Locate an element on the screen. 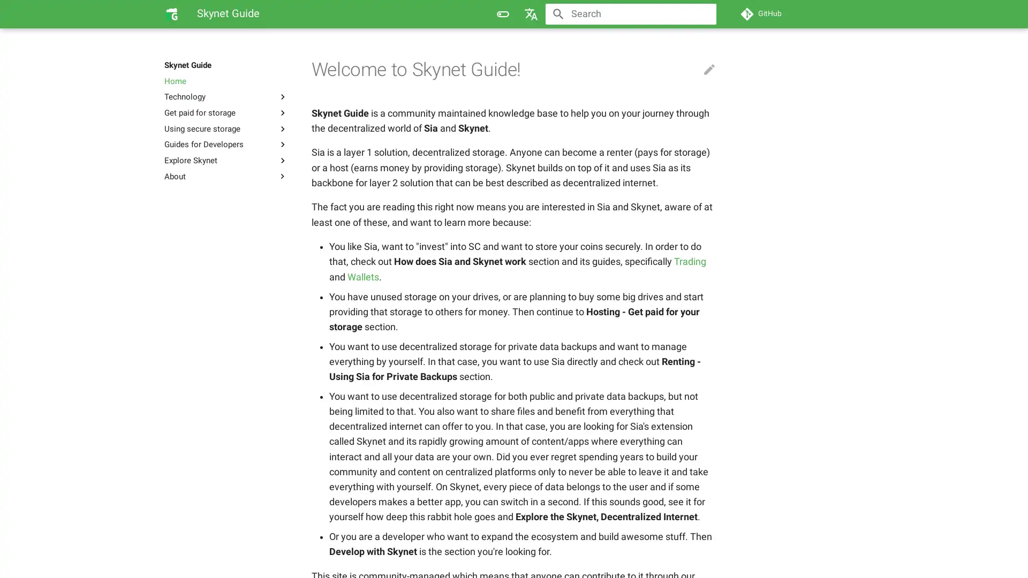 The image size is (1028, 578). Clear is located at coordinates (704, 14).